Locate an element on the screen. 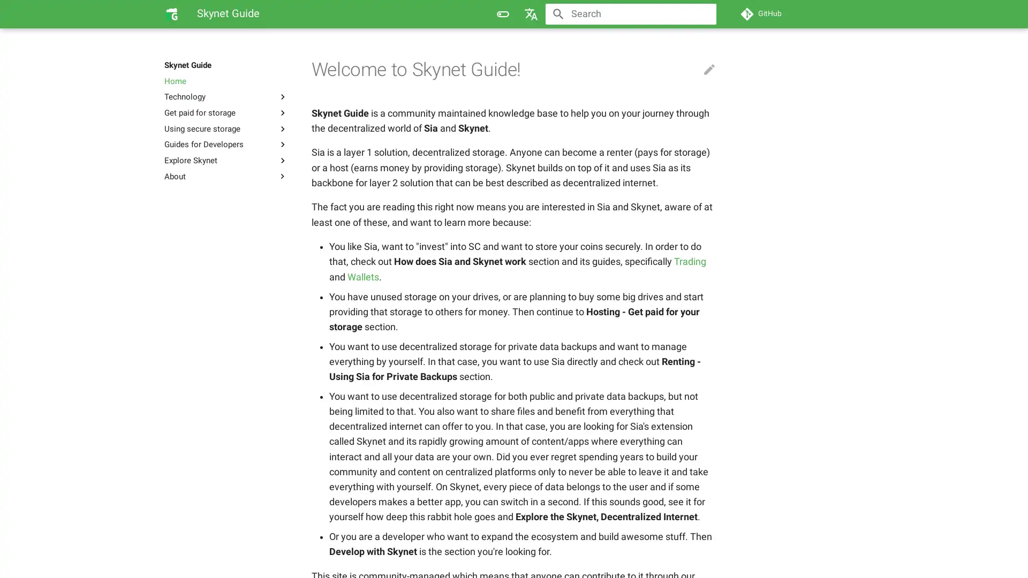 The image size is (1028, 578). Clear is located at coordinates (704, 14).